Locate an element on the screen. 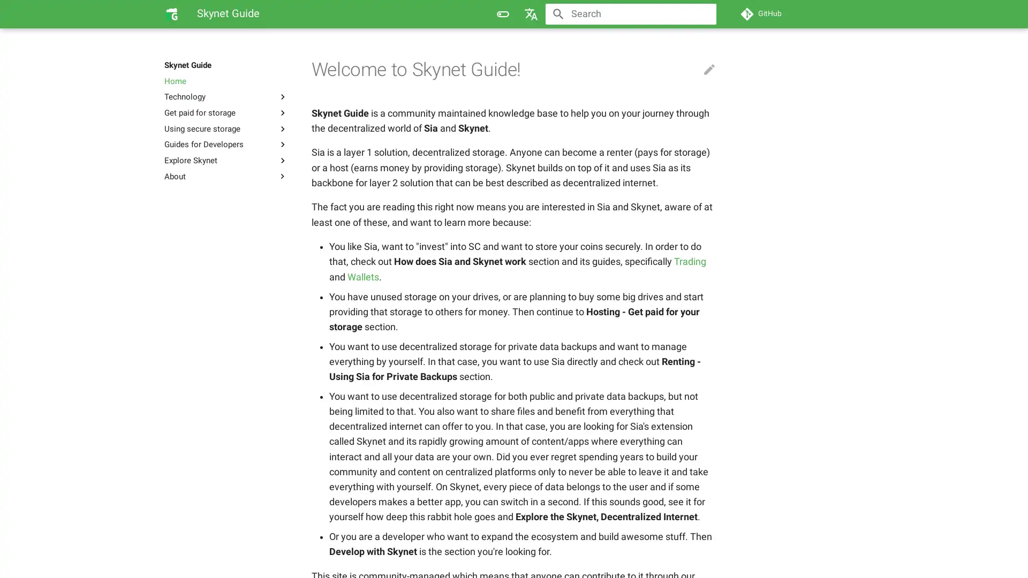 The image size is (1028, 578). Clear is located at coordinates (704, 14).